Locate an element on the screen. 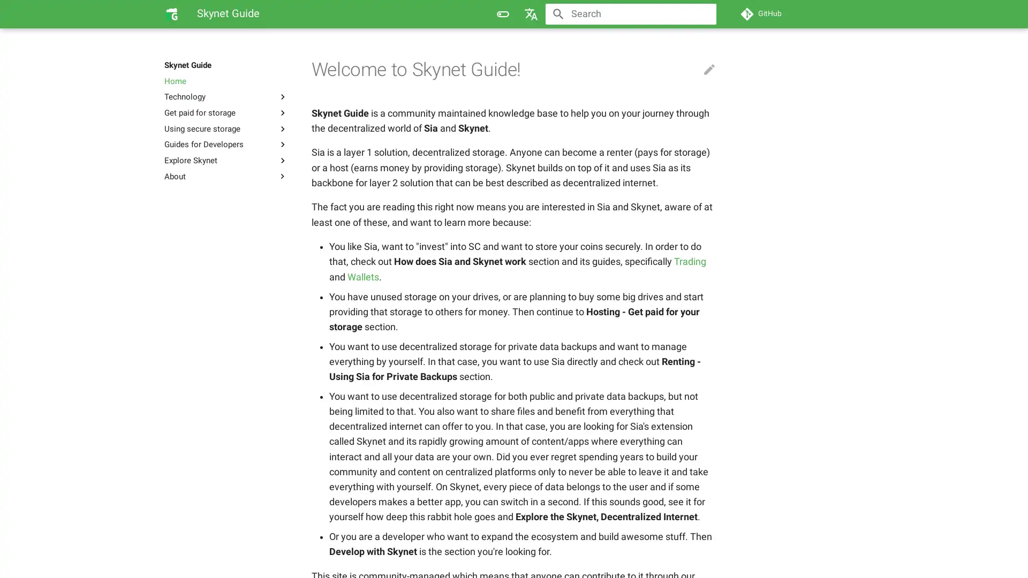 The image size is (1028, 578). Clear is located at coordinates (704, 14).